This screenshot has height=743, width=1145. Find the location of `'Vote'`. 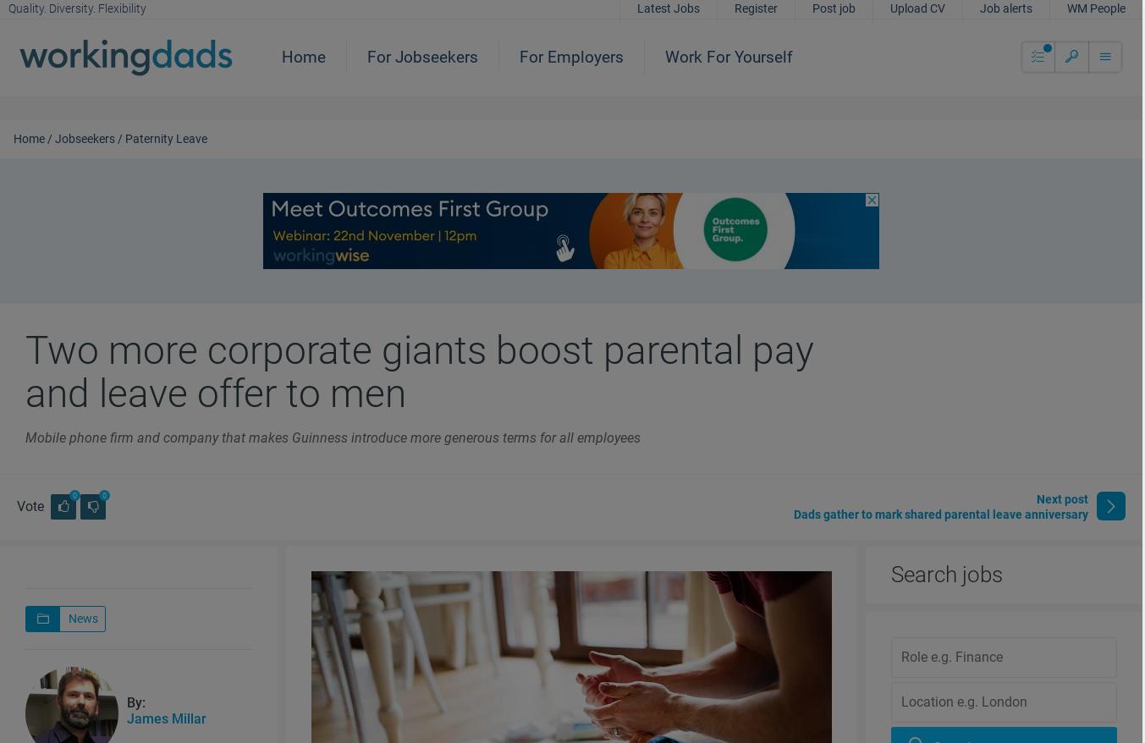

'Vote' is located at coordinates (33, 506).